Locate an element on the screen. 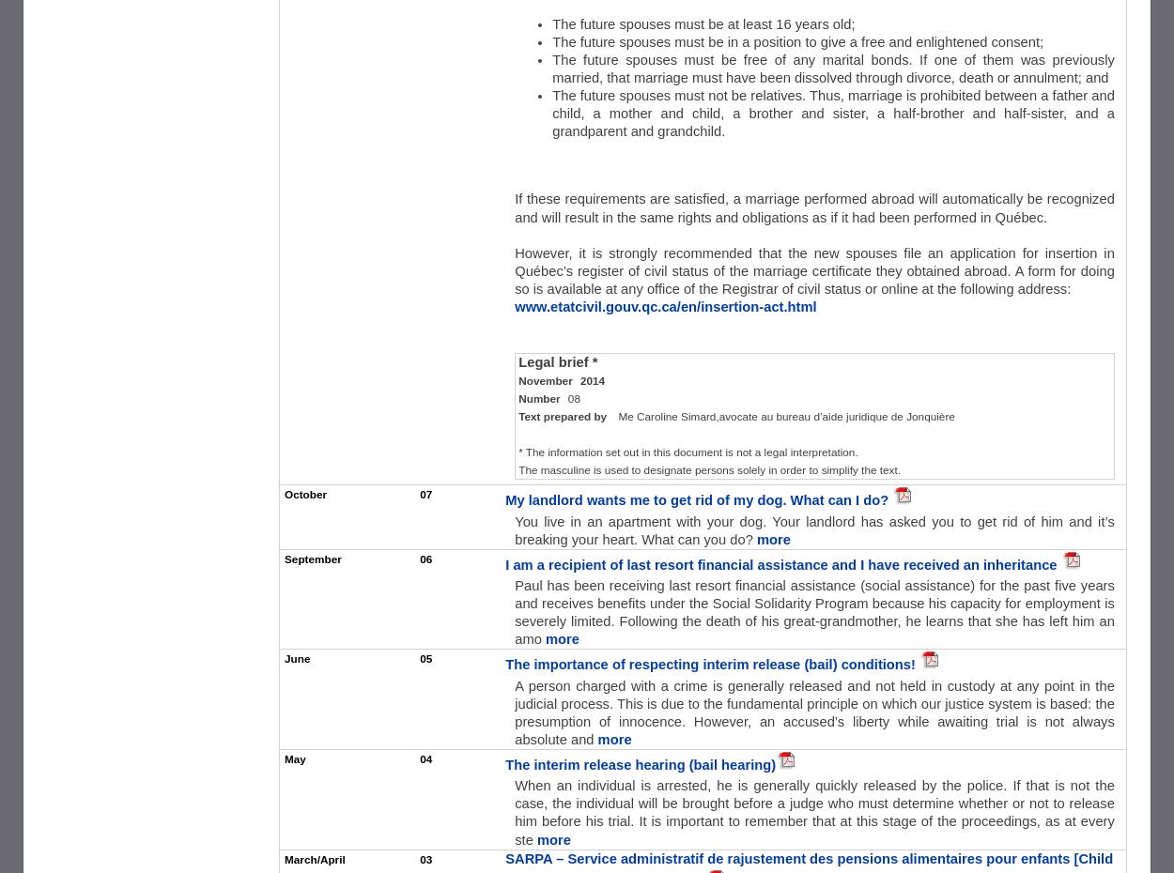  'Me Caroline Simard,avocate au bureau d’aide juridique de Jonquière' is located at coordinates (785, 415).